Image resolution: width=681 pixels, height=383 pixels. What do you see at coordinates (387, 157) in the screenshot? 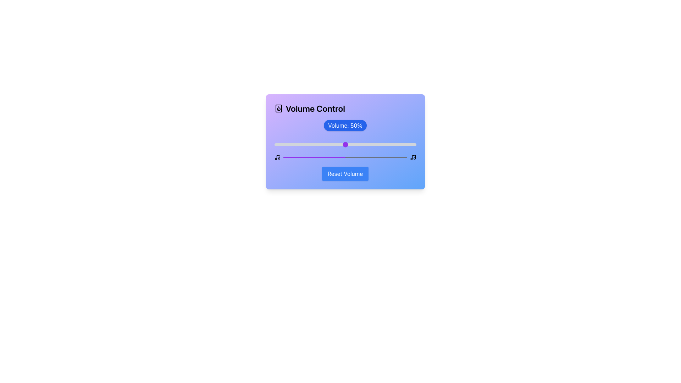
I see `the volume` at bounding box center [387, 157].